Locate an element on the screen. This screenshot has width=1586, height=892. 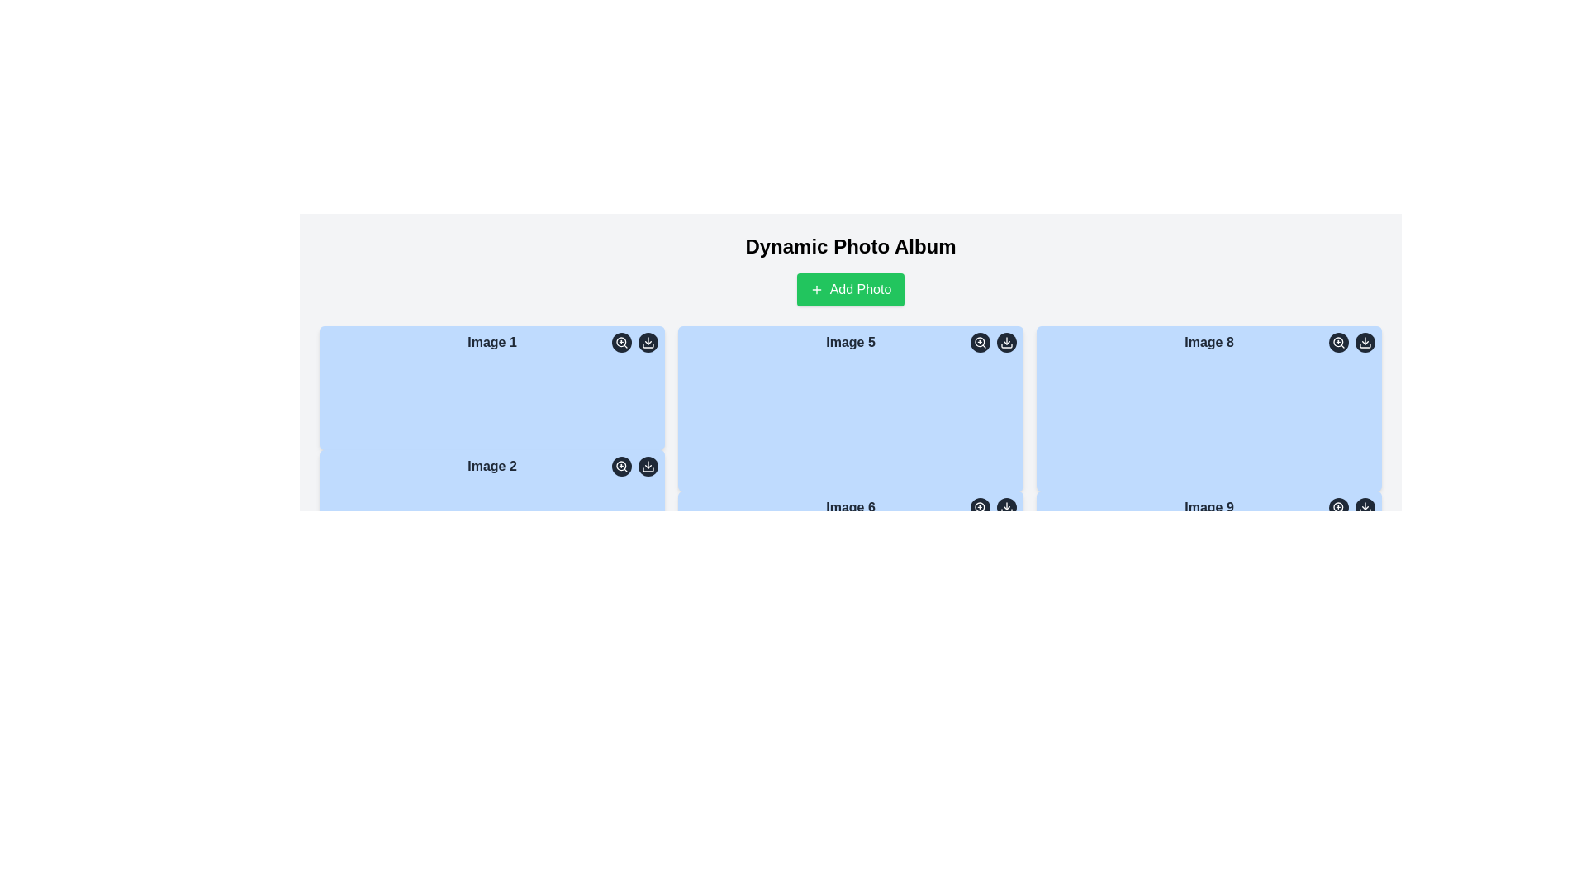
the circular magnifying glass icon with a '+' symbol in the center to zoom in on the image is located at coordinates (1339, 342).